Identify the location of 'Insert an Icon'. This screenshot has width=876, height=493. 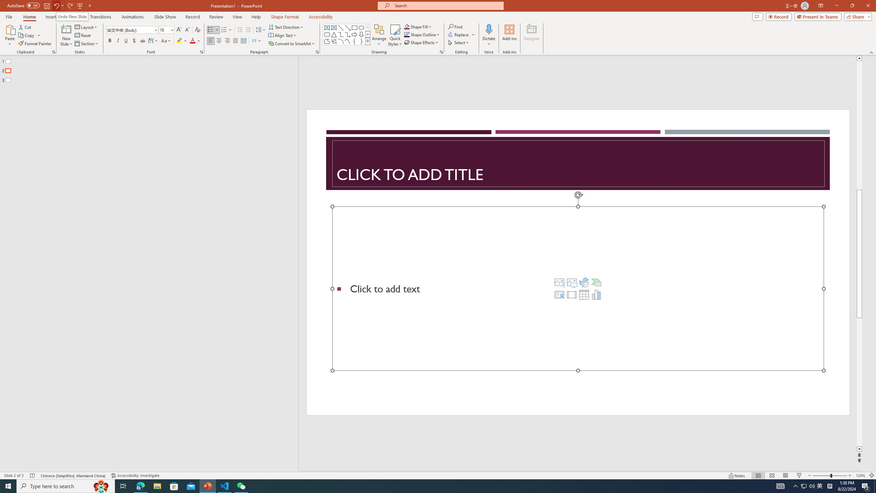
(584, 282).